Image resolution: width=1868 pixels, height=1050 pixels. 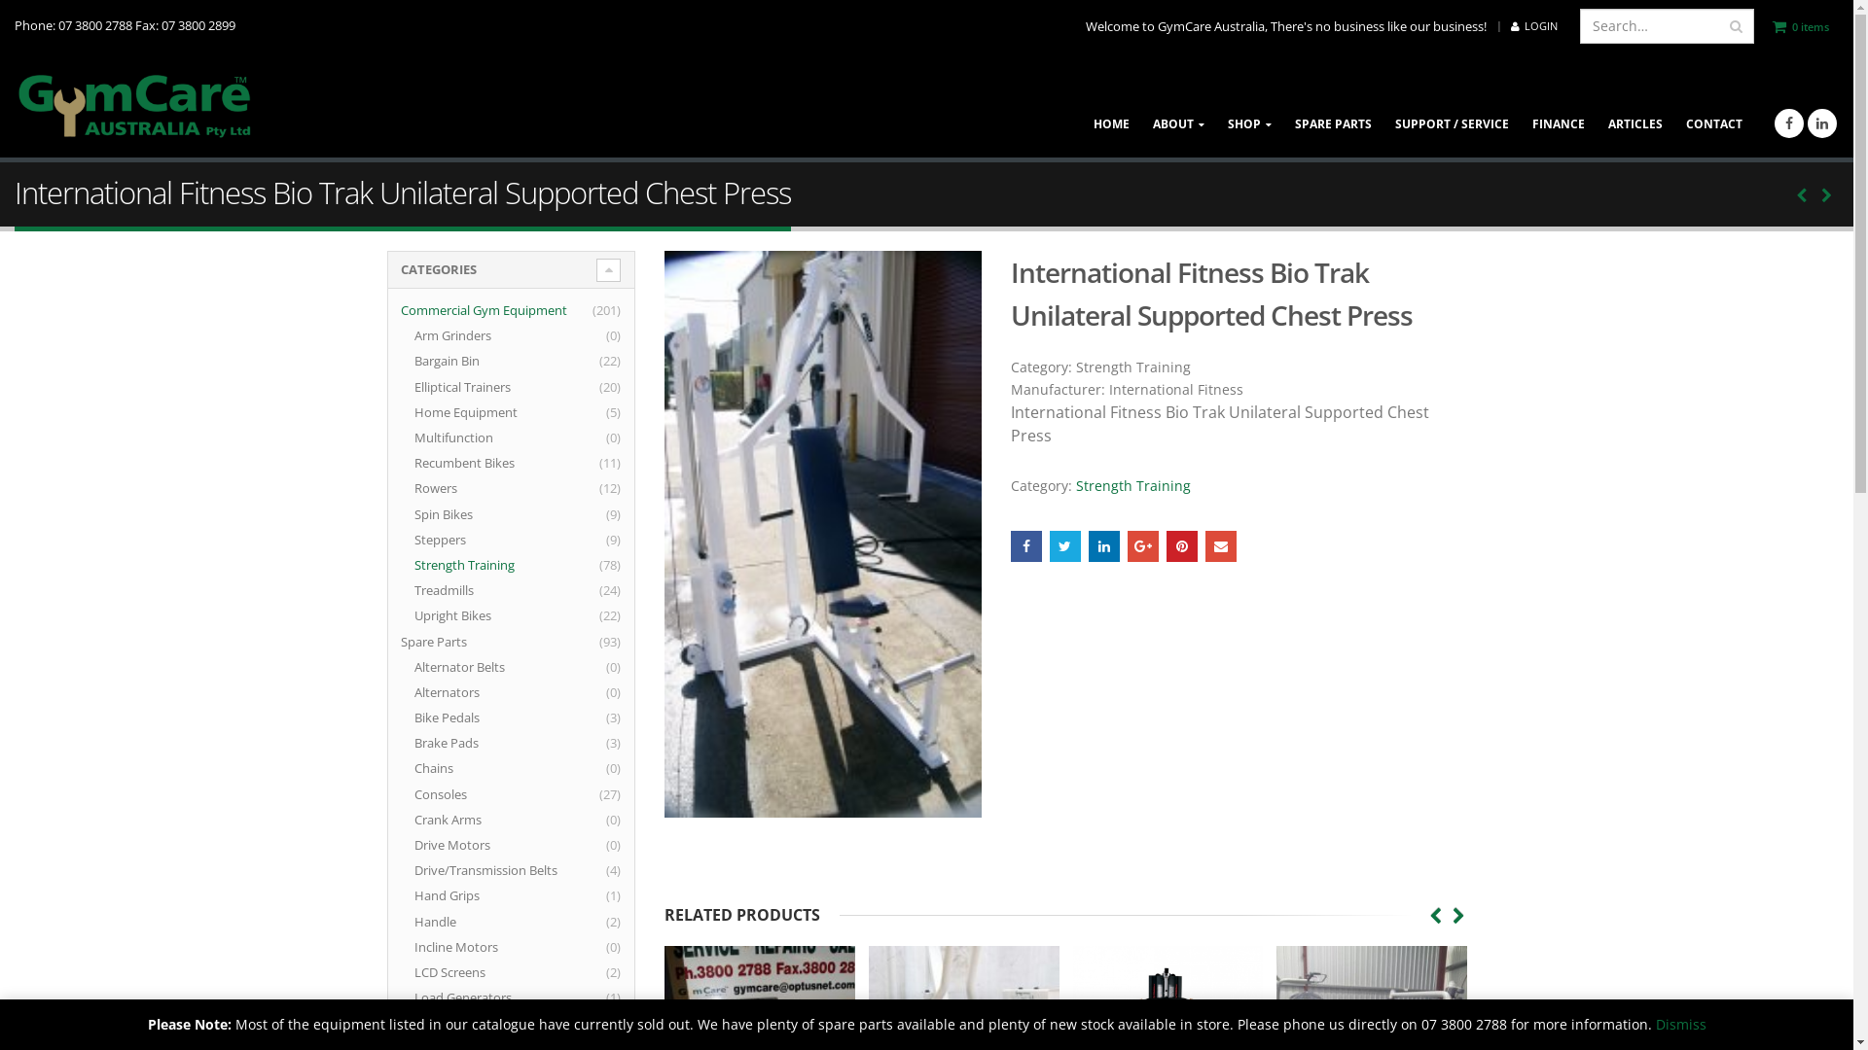 What do you see at coordinates (400, 309) in the screenshot?
I see `'Commercial Gym Equipment'` at bounding box center [400, 309].